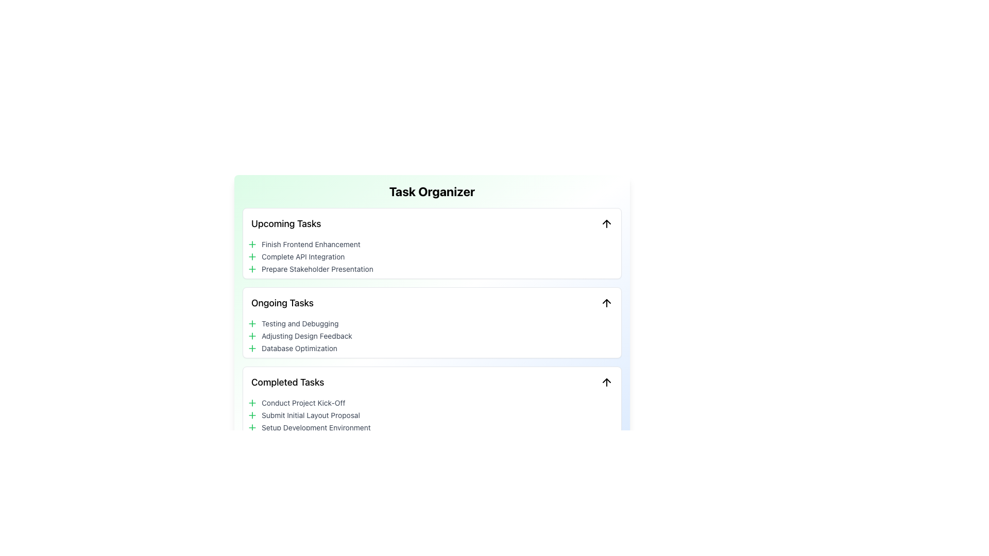 The image size is (989, 556). Describe the element at coordinates (252, 427) in the screenshot. I see `the button styled as an icon located in the 'Completed Tasks' section, adjacent to the text 'Setup Development Environment'` at that location.